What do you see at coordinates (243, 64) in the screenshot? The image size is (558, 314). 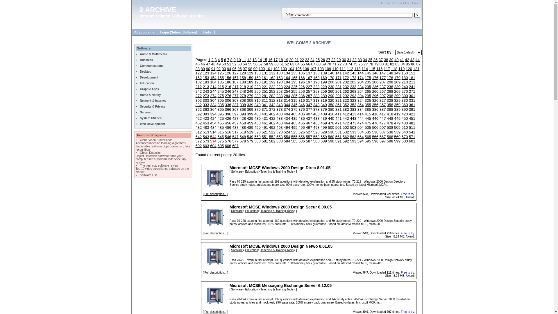 I see `'54'` at bounding box center [243, 64].